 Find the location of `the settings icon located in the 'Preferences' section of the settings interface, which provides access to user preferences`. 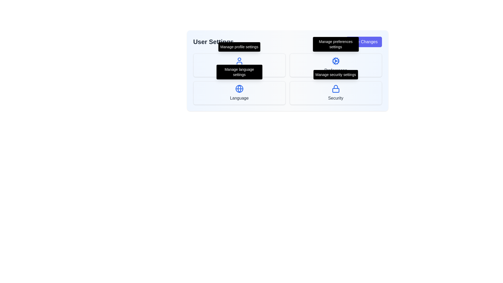

the settings icon located in the 'Preferences' section of the settings interface, which provides access to user preferences is located at coordinates (336, 61).